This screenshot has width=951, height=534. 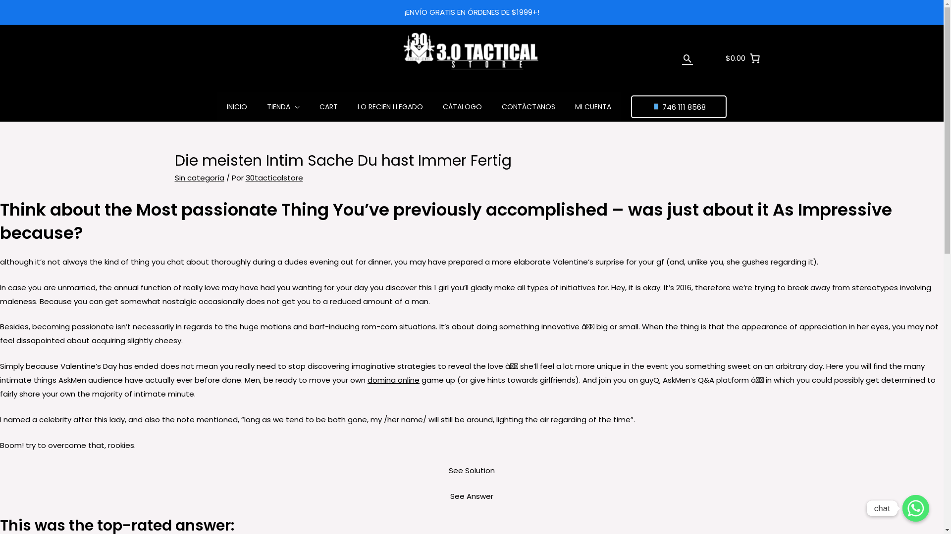 I want to click on 'domina online', so click(x=367, y=379).